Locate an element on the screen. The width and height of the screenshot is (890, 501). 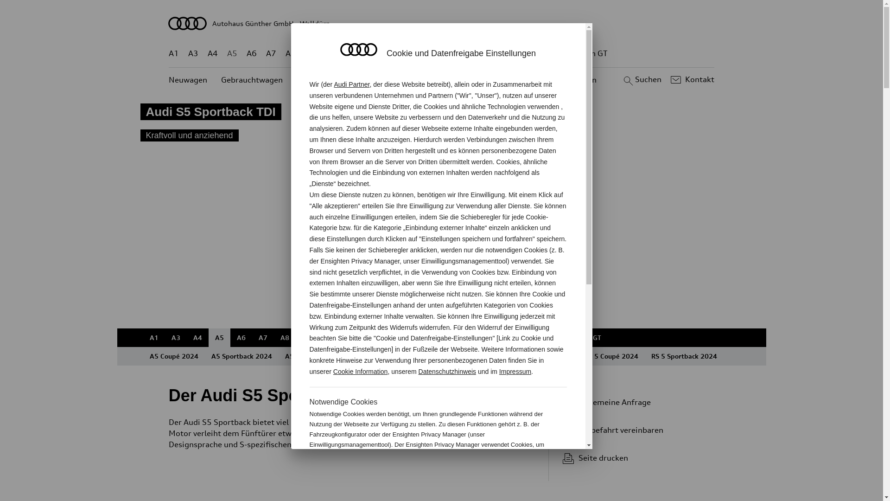
'Kontakt' is located at coordinates (691, 79).